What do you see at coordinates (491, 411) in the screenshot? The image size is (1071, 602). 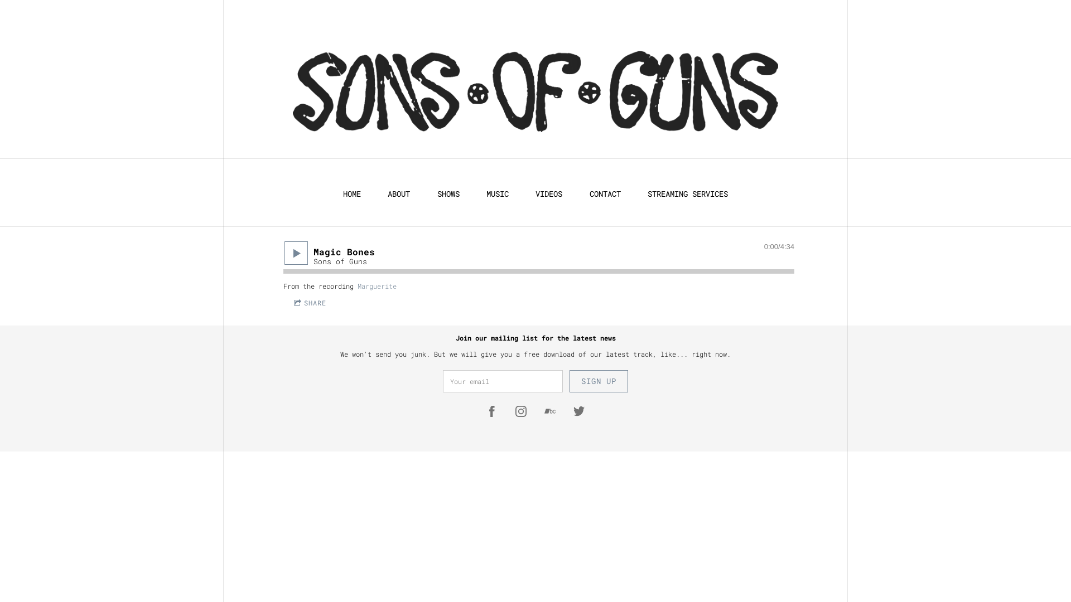 I see `'https://www.facebook.com/sonsofgunsmusic'` at bounding box center [491, 411].